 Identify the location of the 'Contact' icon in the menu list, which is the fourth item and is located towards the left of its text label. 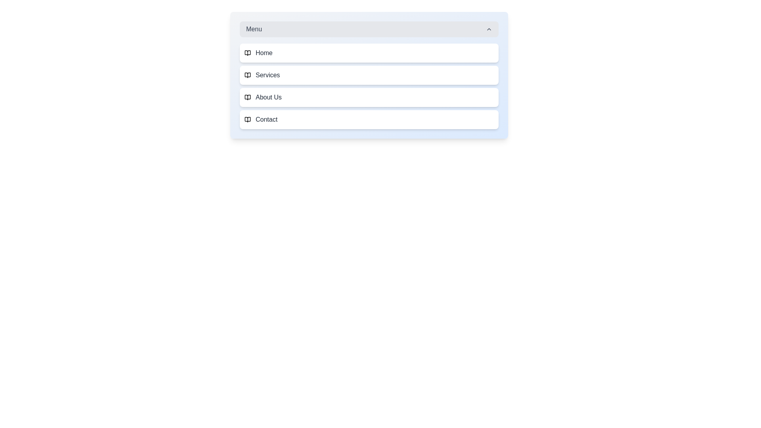
(247, 119).